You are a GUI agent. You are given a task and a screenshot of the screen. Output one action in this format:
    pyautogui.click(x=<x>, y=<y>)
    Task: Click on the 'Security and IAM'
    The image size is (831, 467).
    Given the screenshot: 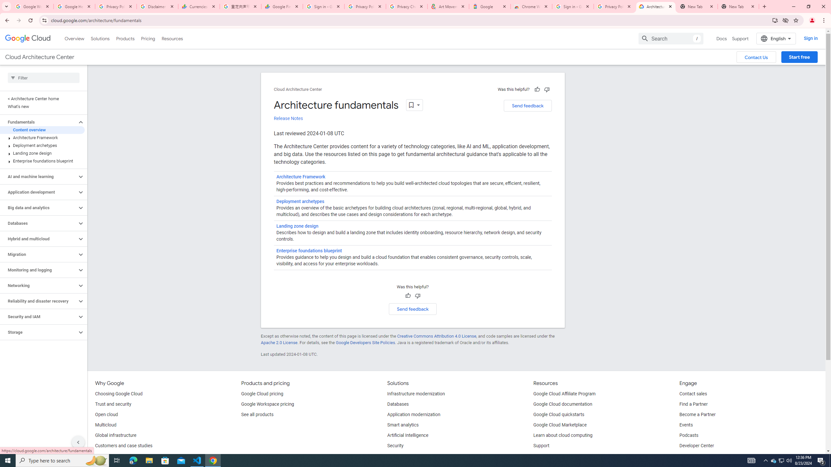 What is the action you would take?
    pyautogui.click(x=38, y=317)
    